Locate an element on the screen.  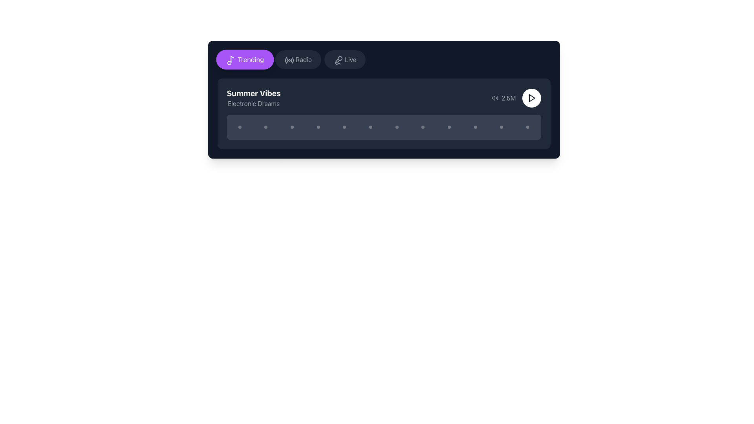
the 'Live' text label within the interactive button, which is styled in gray text and located in a dark gray button in the navigation row is located at coordinates (350, 59).